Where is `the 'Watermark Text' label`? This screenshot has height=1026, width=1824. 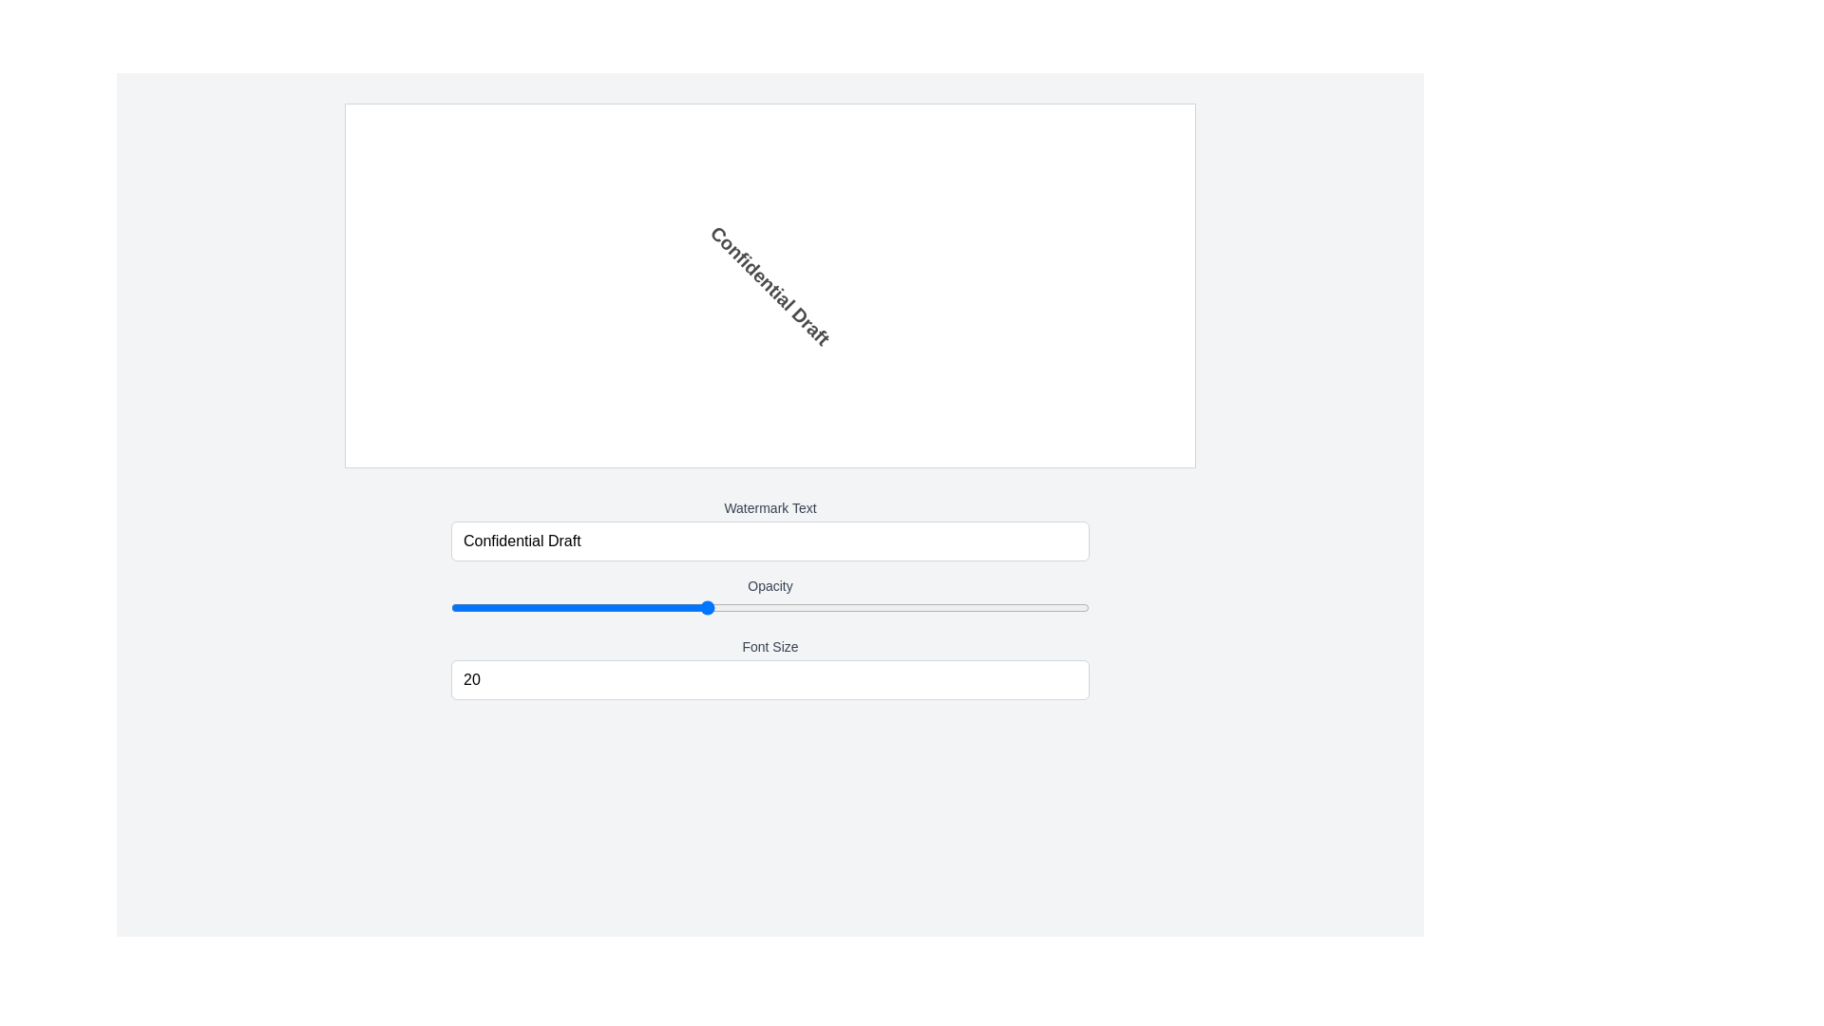
the 'Watermark Text' label is located at coordinates (770, 530).